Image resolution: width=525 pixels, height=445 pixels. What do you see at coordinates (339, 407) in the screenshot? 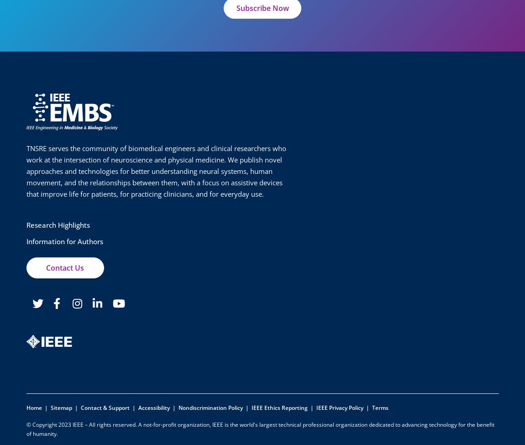
I see `'IEEE Privacy Policy'` at bounding box center [339, 407].